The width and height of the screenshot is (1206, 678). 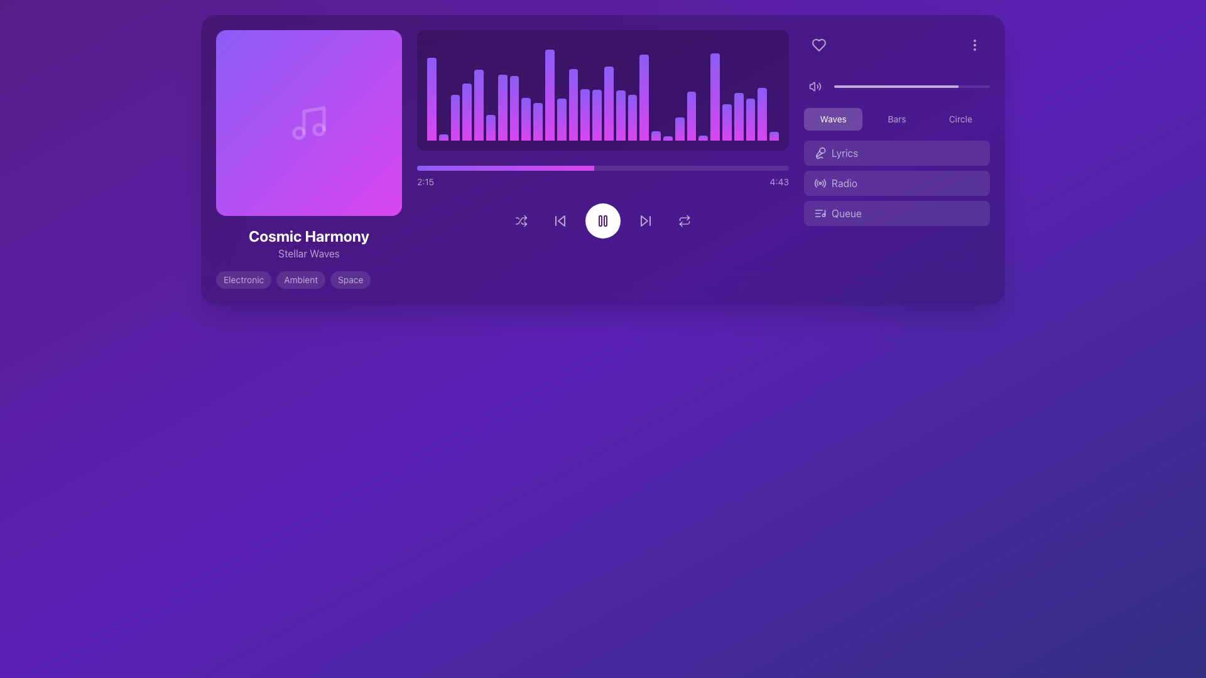 I want to click on the 'Skip Back' icon, which is represented by a leftward arrow located to the left of the central play button in the media playback controls, so click(x=560, y=220).